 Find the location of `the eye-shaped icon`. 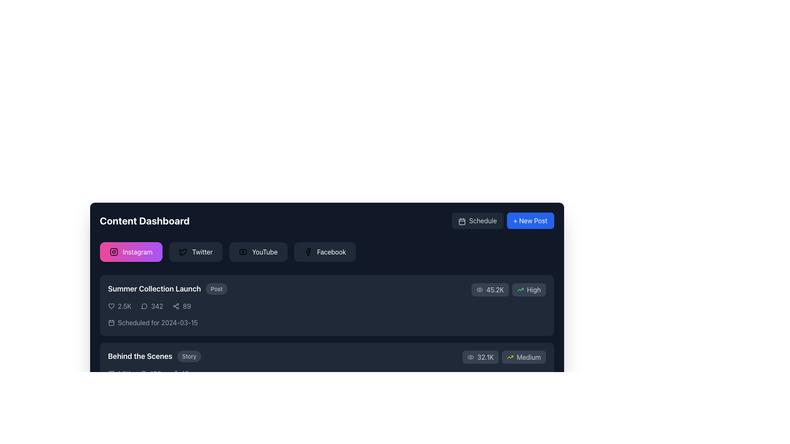

the eye-shaped icon is located at coordinates (480, 289).